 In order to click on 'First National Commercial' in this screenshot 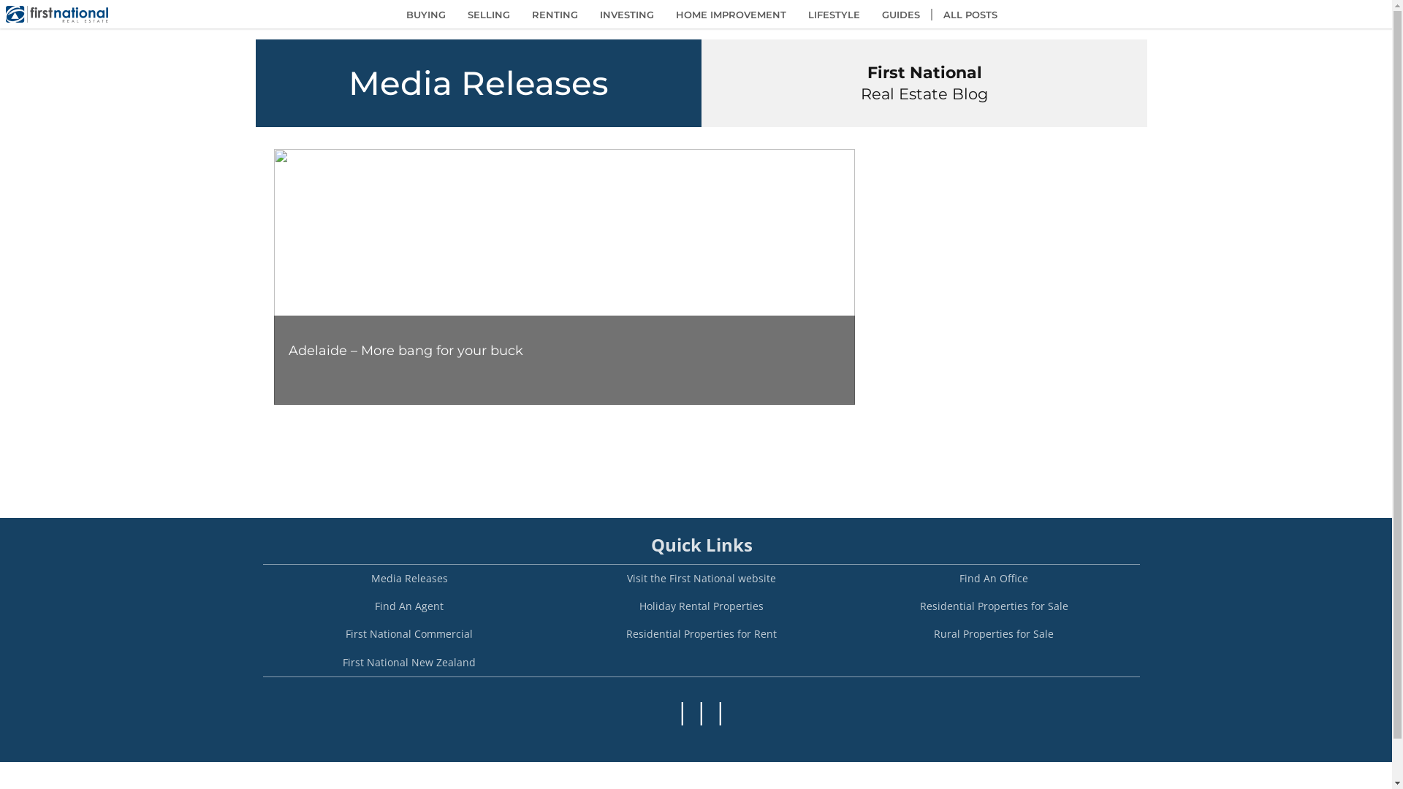, I will do `click(409, 633)`.